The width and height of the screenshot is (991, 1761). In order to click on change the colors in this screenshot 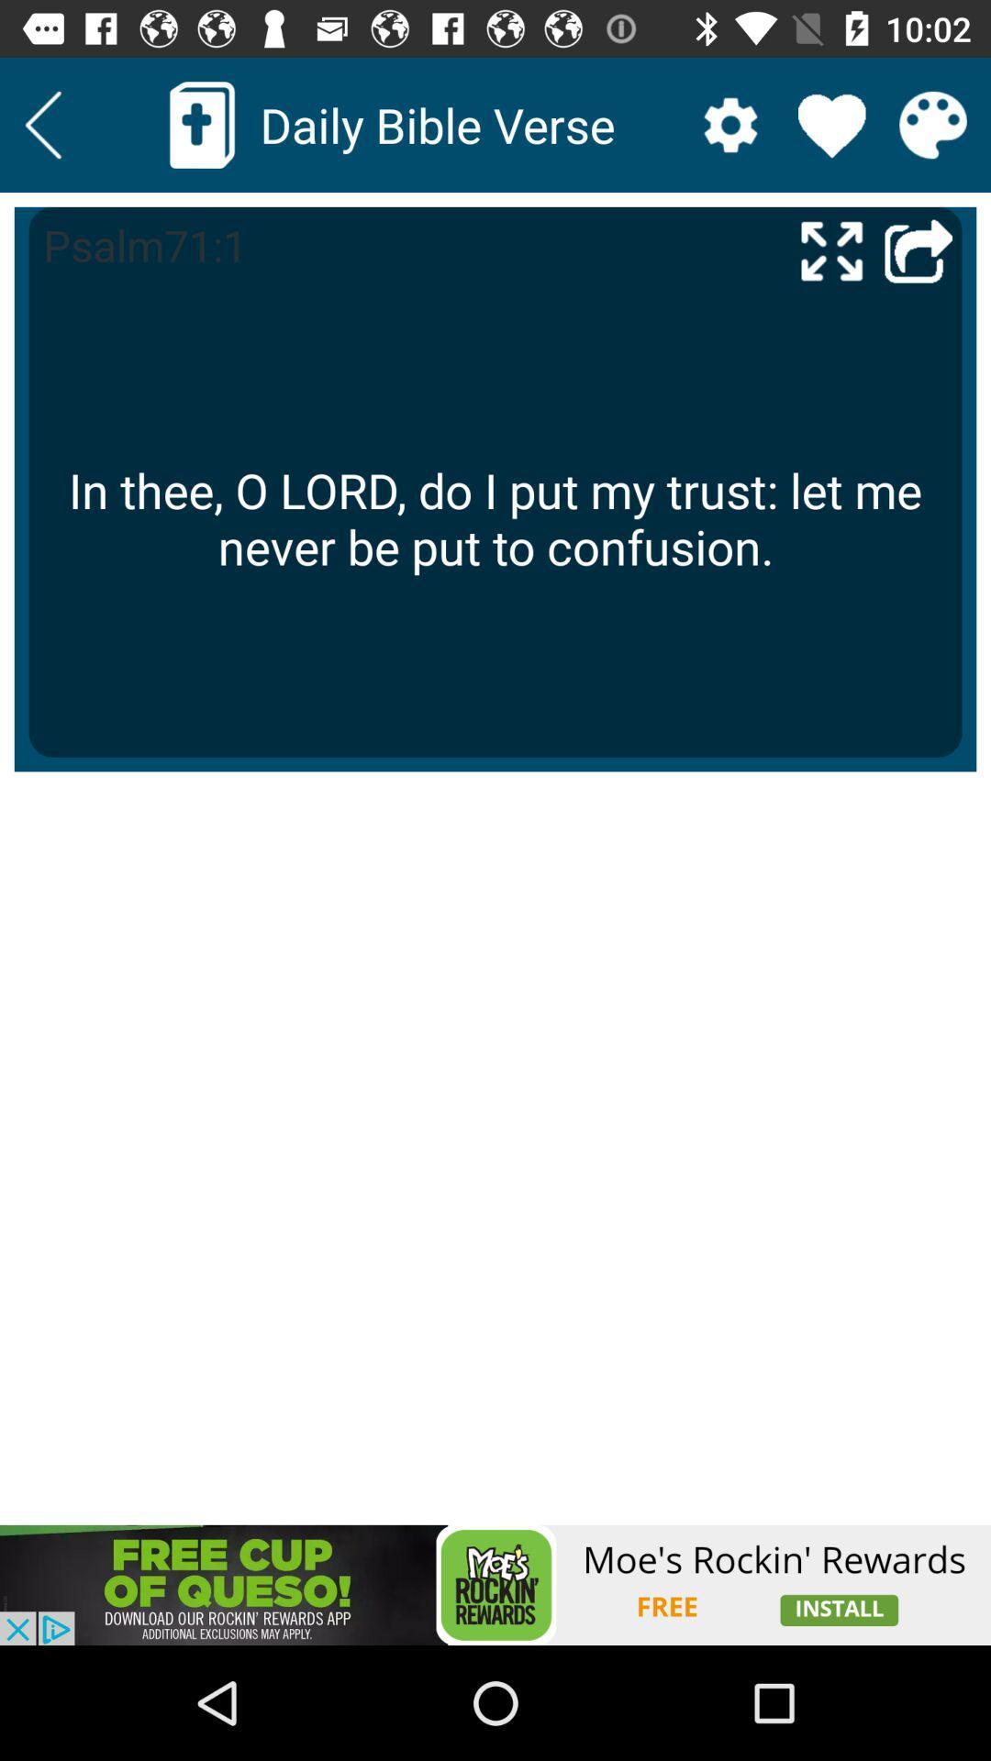, I will do `click(933, 124)`.